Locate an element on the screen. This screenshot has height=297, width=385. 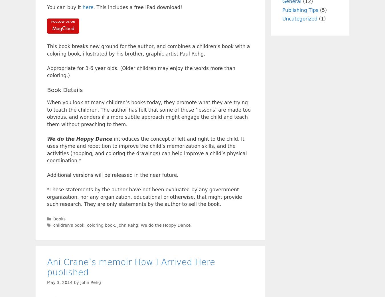
'by' is located at coordinates (74, 282).